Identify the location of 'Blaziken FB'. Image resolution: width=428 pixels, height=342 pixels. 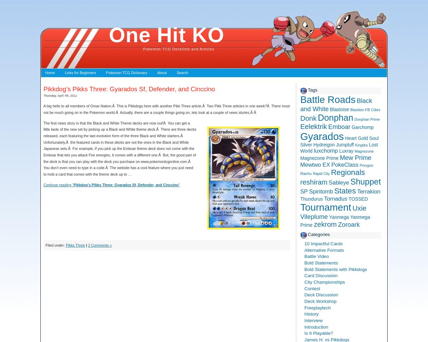
(360, 109).